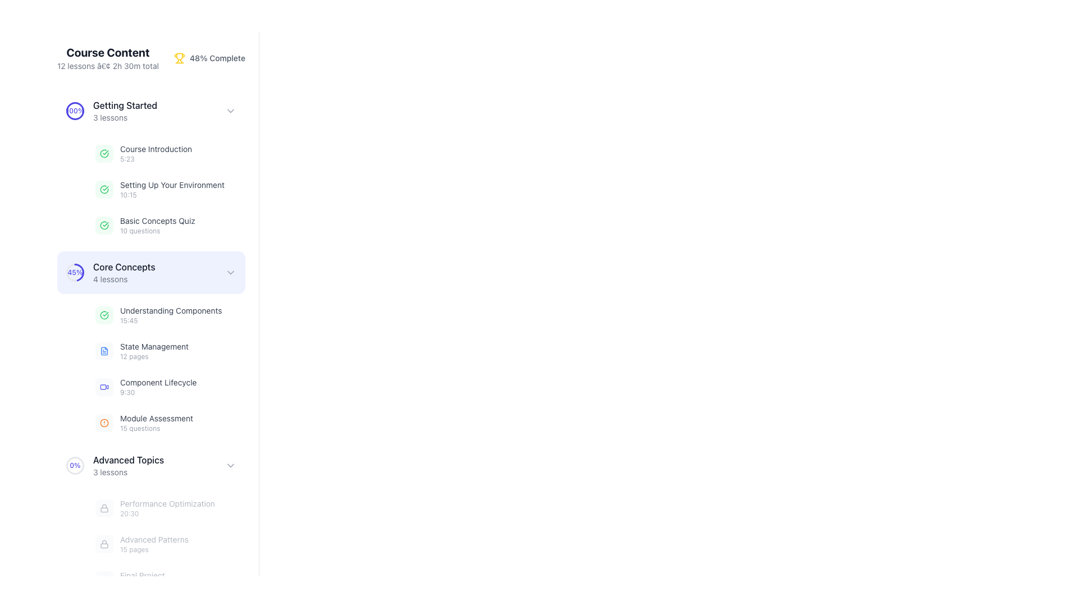 This screenshot has height=606, width=1078. Describe the element at coordinates (141, 576) in the screenshot. I see `the static text label 'Final Project' located at the bottom of the 'Advanced Topics' section in the left-hand navigation pane` at that location.